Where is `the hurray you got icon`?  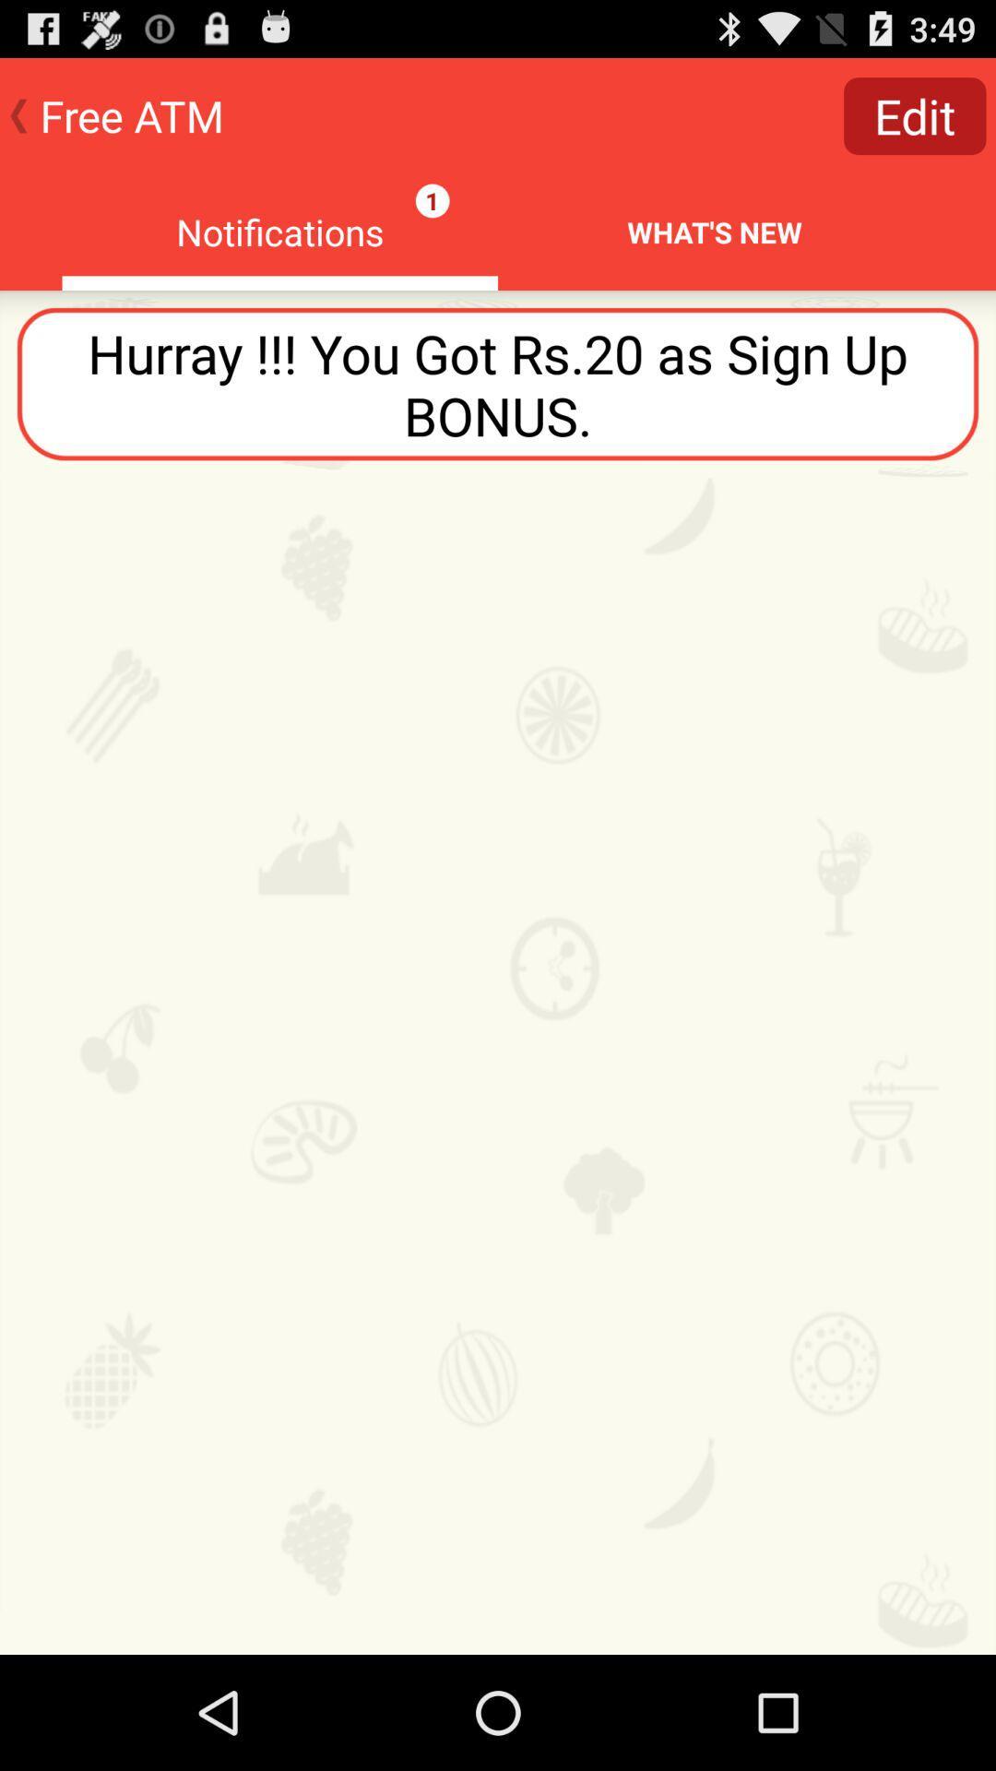
the hurray you got icon is located at coordinates (498, 383).